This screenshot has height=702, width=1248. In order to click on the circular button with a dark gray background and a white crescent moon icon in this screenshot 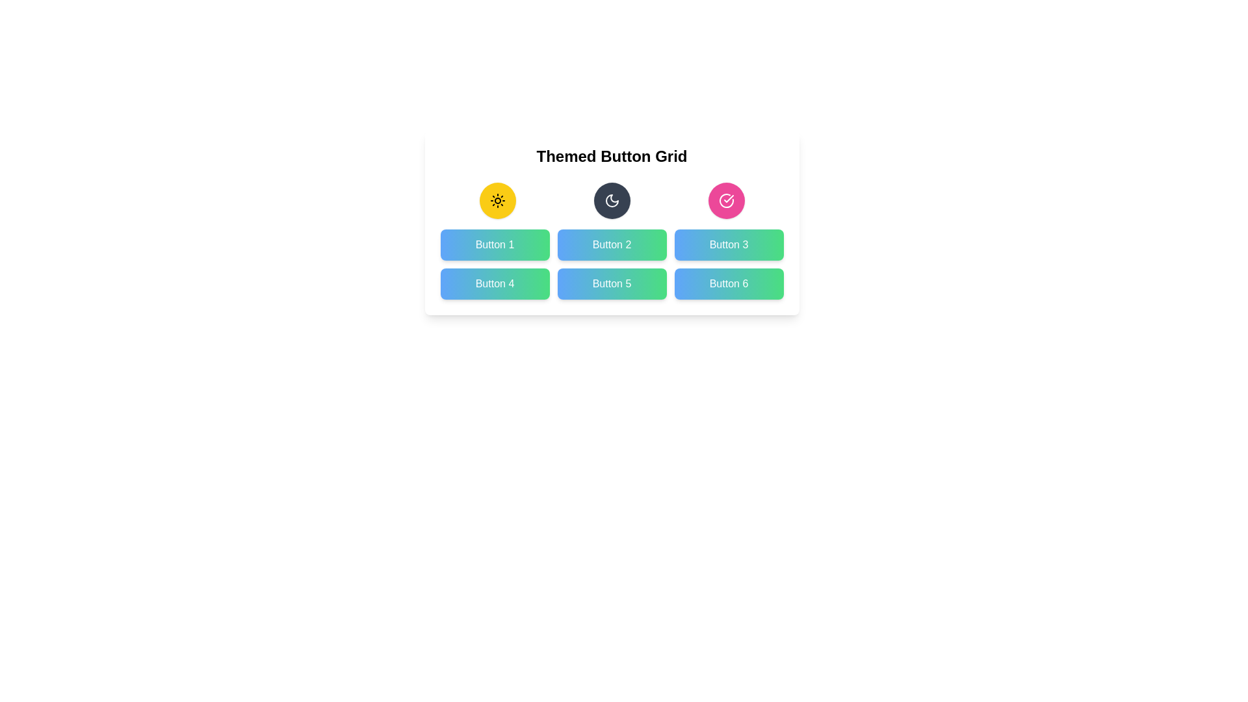, I will do `click(611, 200)`.